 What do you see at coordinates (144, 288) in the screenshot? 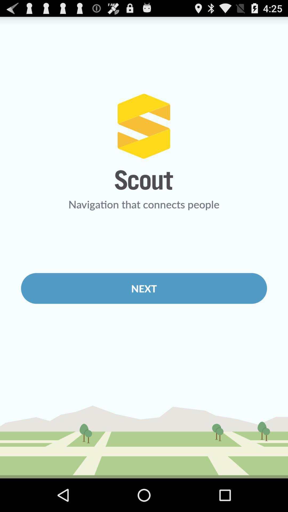
I see `the icon below the navigation that connects` at bounding box center [144, 288].